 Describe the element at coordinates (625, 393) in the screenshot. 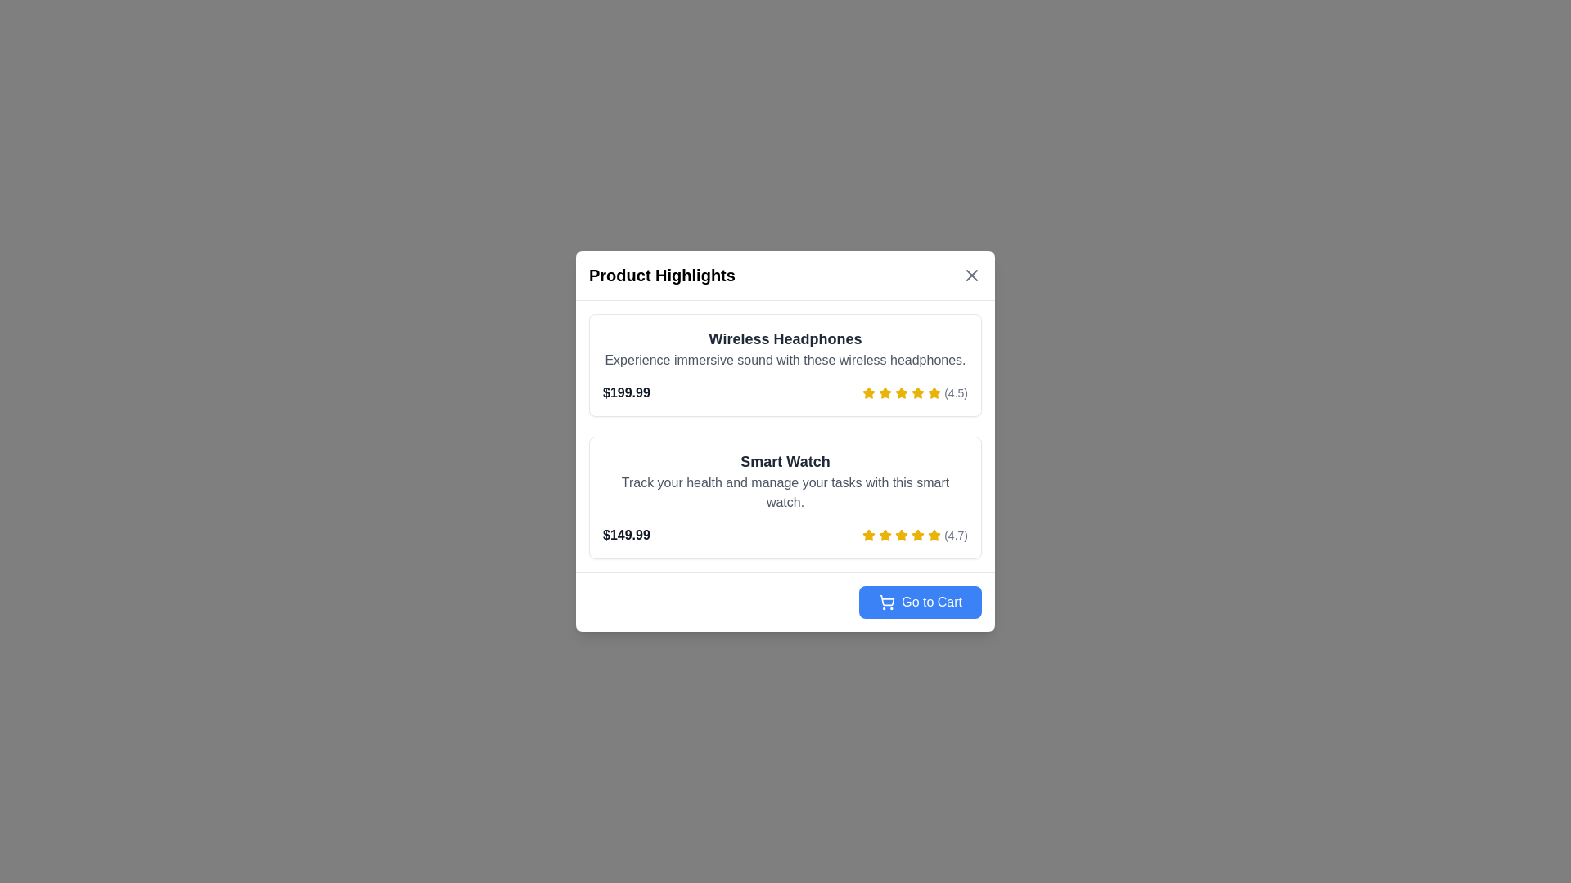

I see `the pricing information Text Label for the 'Wireless Headphones' product, located in the first card of the product list, positioned near the title and above the ratings` at that location.